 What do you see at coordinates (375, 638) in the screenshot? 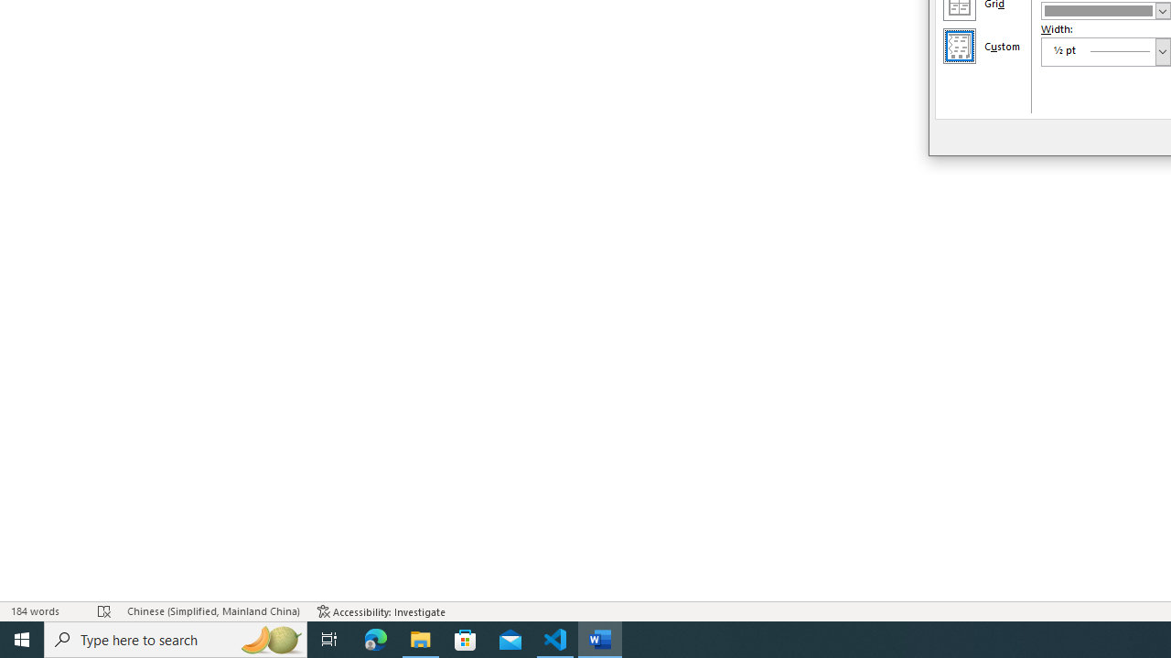
I see `'Microsoft Edge'` at bounding box center [375, 638].